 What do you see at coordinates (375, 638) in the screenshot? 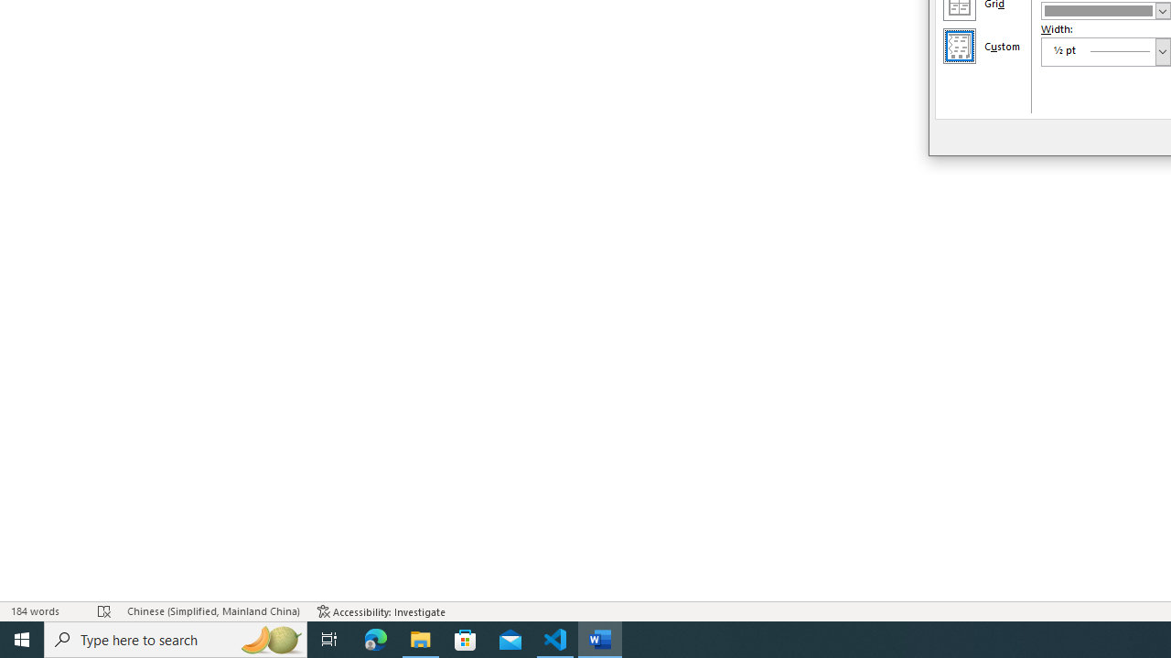
I see `'Microsoft Edge'` at bounding box center [375, 638].